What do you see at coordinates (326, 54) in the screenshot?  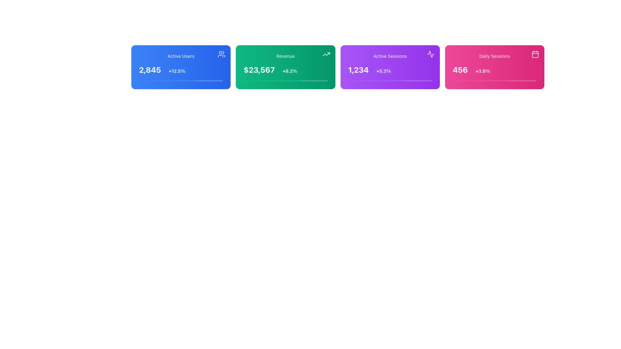 I see `the upward trending arrow icon located at the top-right corner of the green rectangular card titled 'Revenue'` at bounding box center [326, 54].